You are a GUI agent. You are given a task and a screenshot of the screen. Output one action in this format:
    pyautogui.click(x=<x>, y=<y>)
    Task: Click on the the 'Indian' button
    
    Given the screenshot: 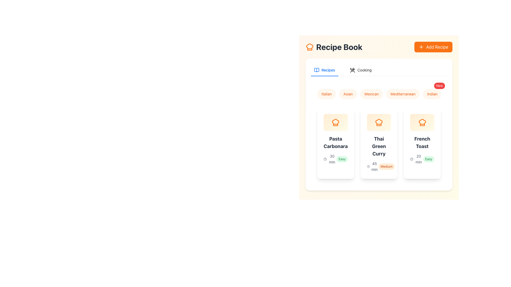 What is the action you would take?
    pyautogui.click(x=432, y=94)
    